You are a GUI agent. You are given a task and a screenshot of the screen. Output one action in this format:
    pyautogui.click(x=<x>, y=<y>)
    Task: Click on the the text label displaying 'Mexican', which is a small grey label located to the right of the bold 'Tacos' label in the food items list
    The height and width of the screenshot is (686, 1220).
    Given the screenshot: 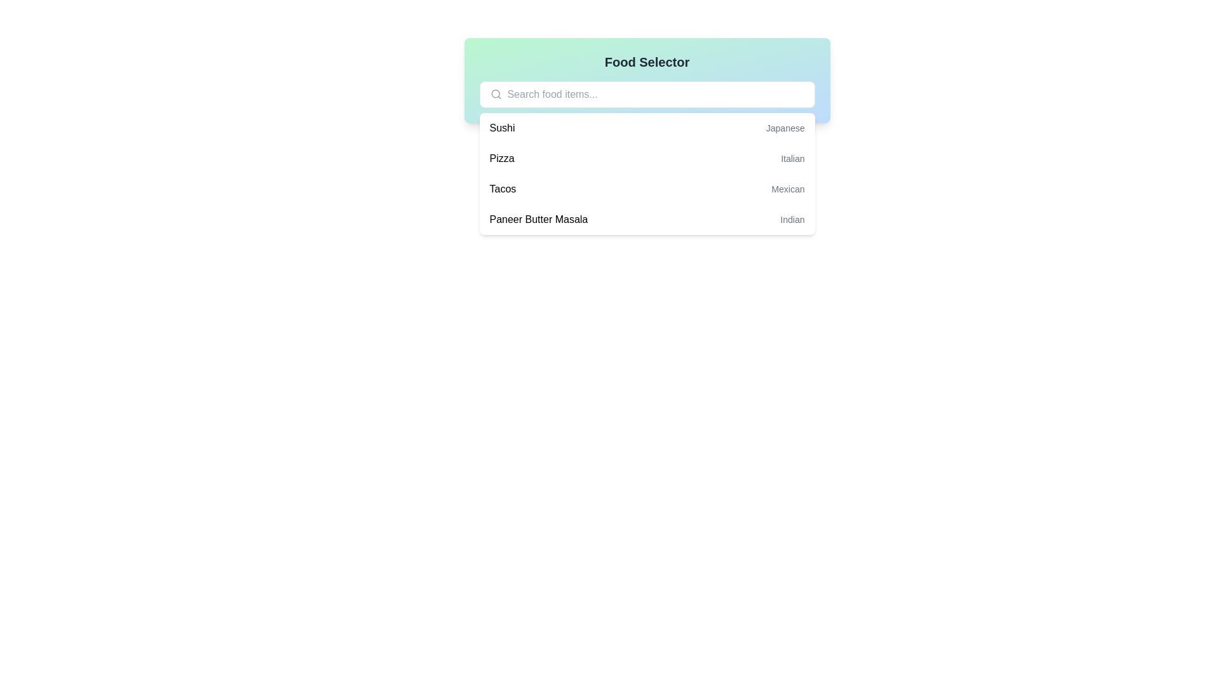 What is the action you would take?
    pyautogui.click(x=787, y=189)
    